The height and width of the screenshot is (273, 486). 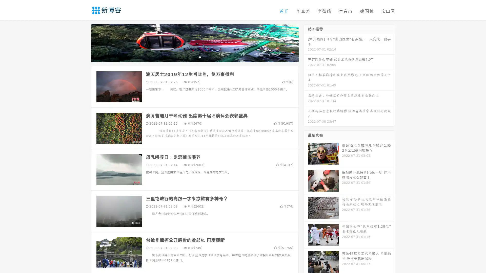 What do you see at coordinates (189, 57) in the screenshot?
I see `Go to slide 1` at bounding box center [189, 57].